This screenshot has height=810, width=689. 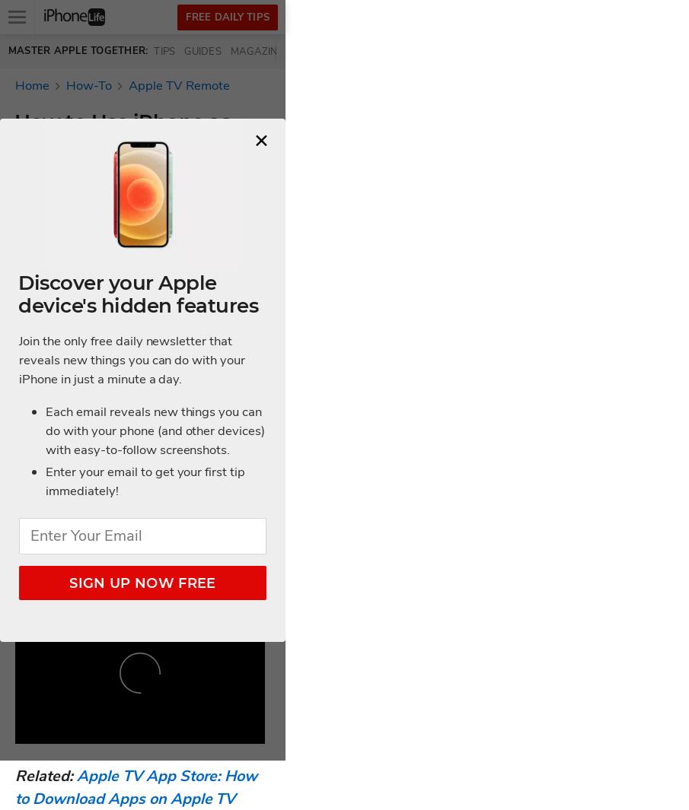 What do you see at coordinates (513, 50) in the screenshot?
I see `'Community'` at bounding box center [513, 50].